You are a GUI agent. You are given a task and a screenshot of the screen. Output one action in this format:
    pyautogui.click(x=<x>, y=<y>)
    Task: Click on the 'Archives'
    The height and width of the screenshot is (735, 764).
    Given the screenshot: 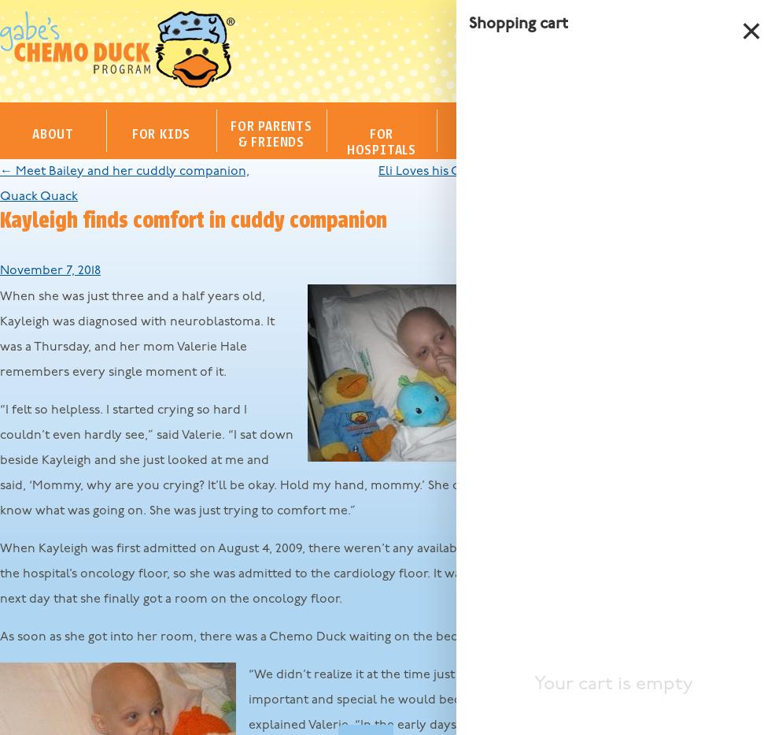 What is the action you would take?
    pyautogui.click(x=604, y=424)
    